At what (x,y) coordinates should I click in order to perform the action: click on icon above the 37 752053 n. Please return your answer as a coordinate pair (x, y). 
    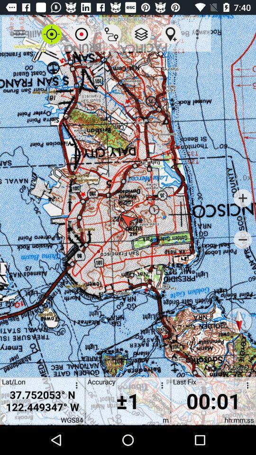
    Looking at the image, I should click on (82, 34).